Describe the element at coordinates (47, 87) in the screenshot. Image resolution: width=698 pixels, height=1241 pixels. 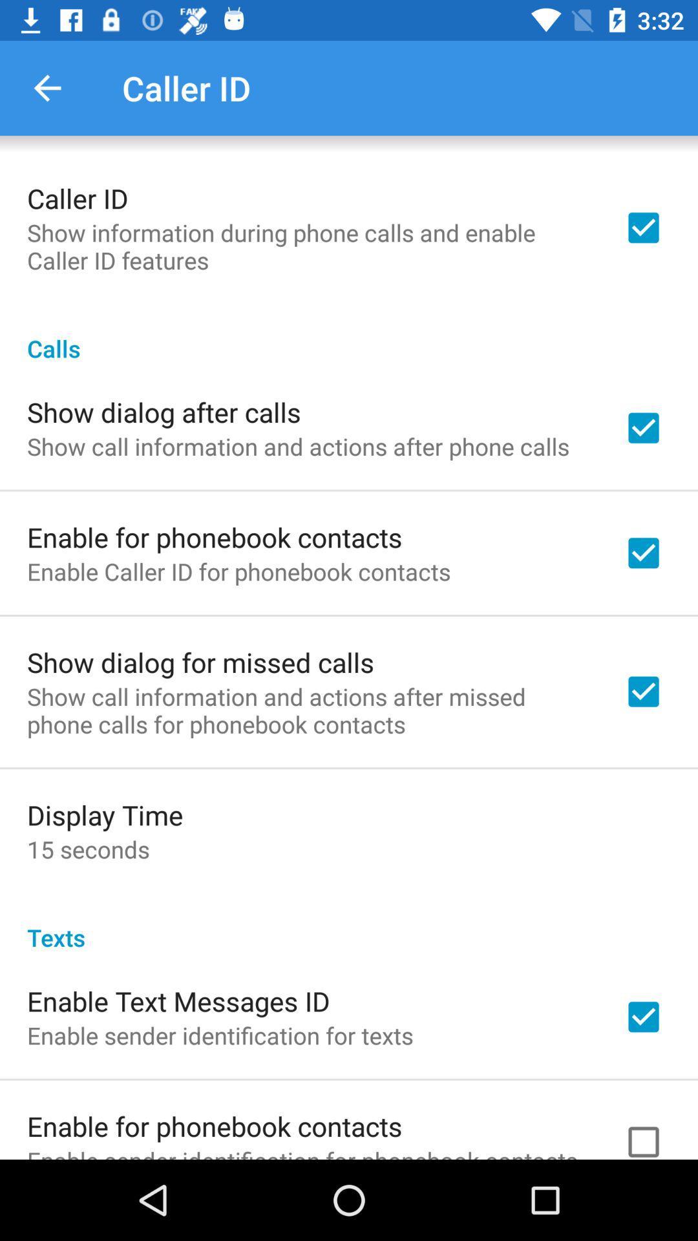
I see `icon next to the caller id` at that location.